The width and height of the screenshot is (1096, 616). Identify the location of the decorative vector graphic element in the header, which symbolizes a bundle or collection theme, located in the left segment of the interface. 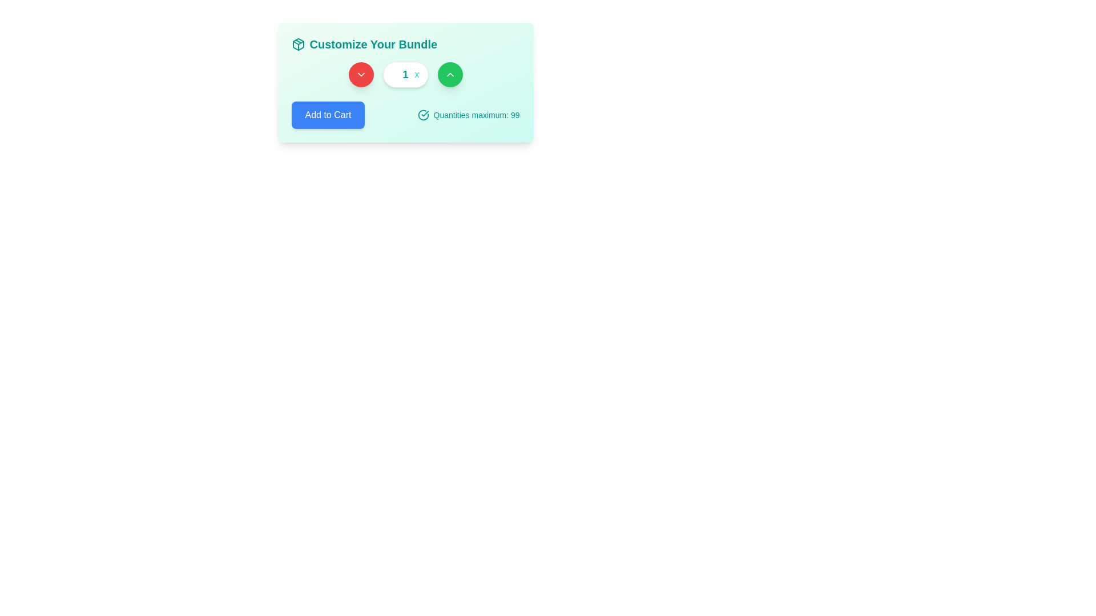
(298, 42).